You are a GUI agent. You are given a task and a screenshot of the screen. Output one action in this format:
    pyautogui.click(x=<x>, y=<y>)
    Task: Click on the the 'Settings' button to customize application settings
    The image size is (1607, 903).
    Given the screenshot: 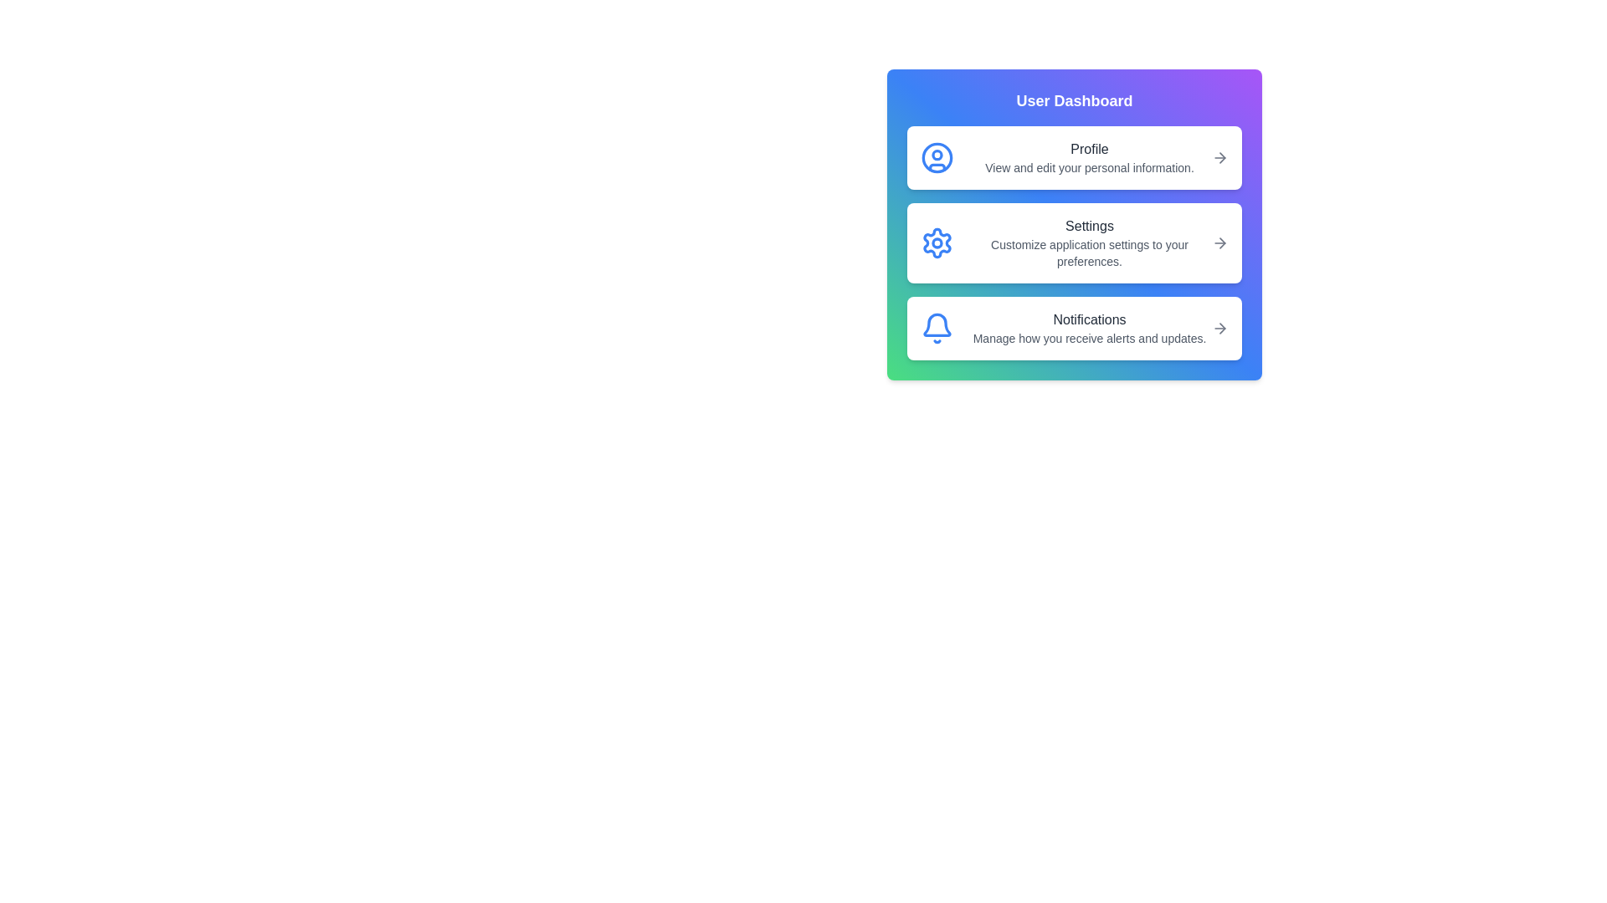 What is the action you would take?
    pyautogui.click(x=1074, y=242)
    